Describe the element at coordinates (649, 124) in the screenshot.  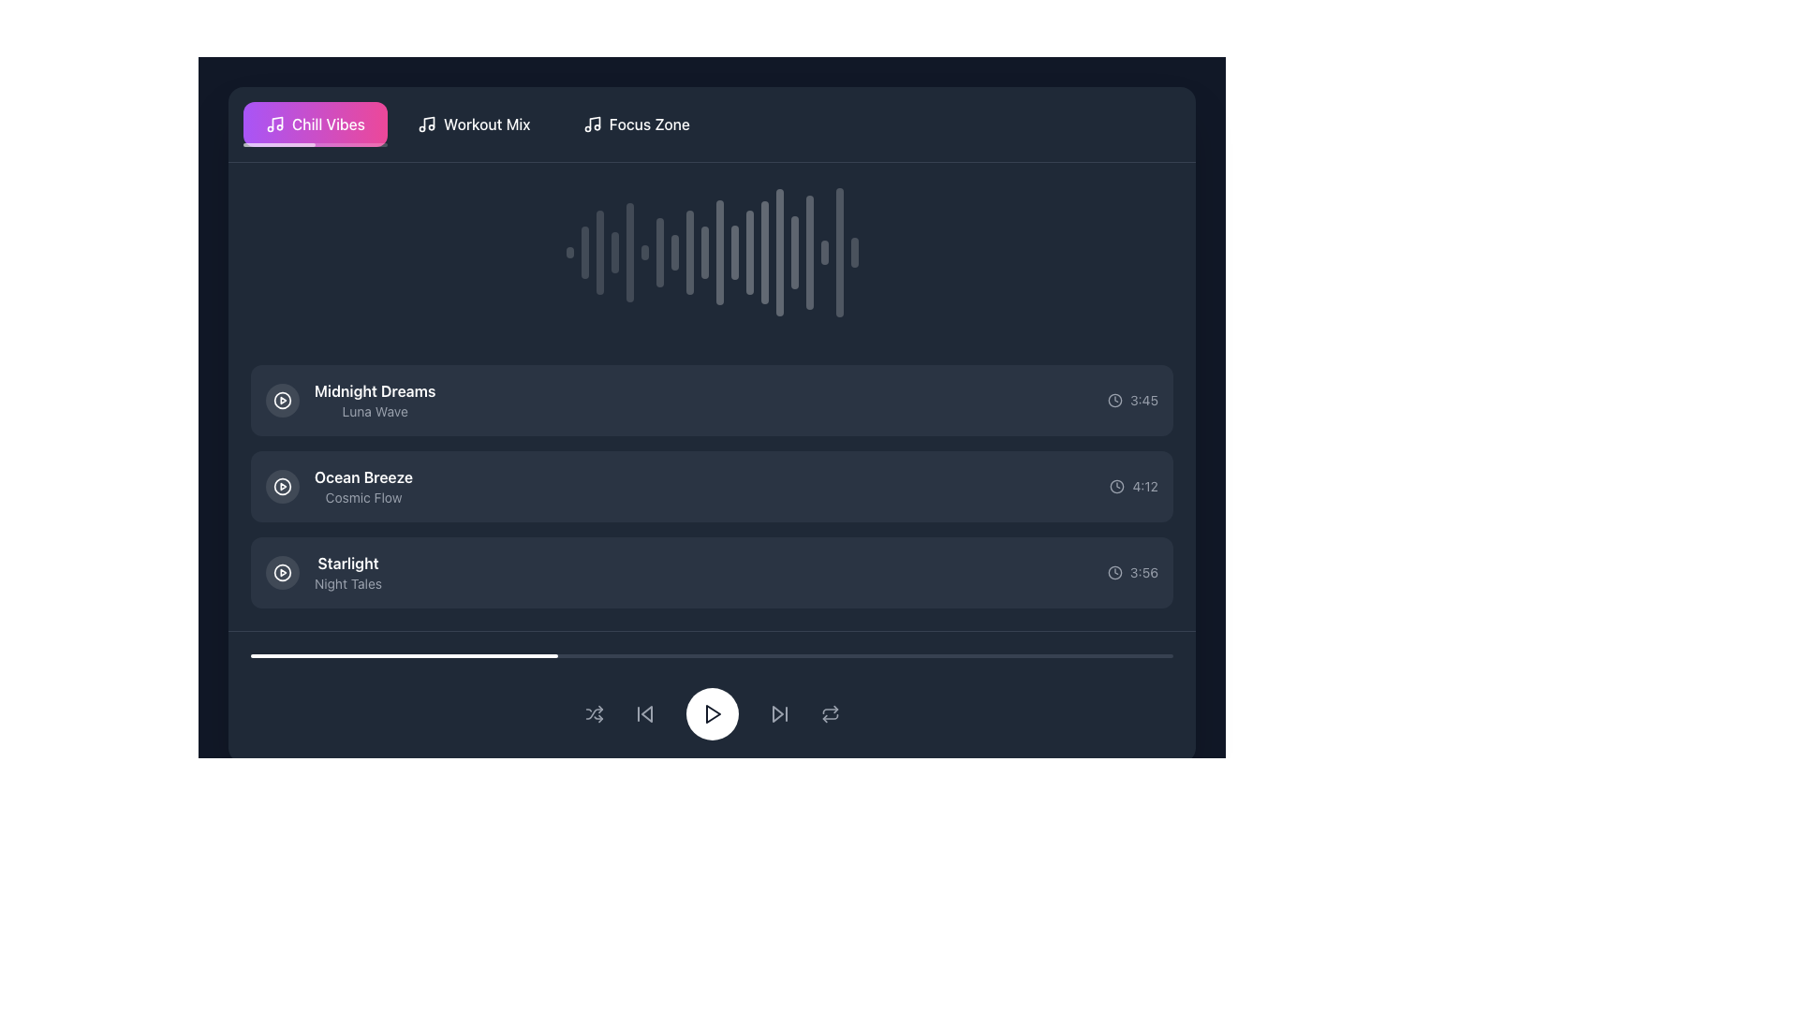
I see `the navigation label located to the right of 'Workout Mix'` at that location.